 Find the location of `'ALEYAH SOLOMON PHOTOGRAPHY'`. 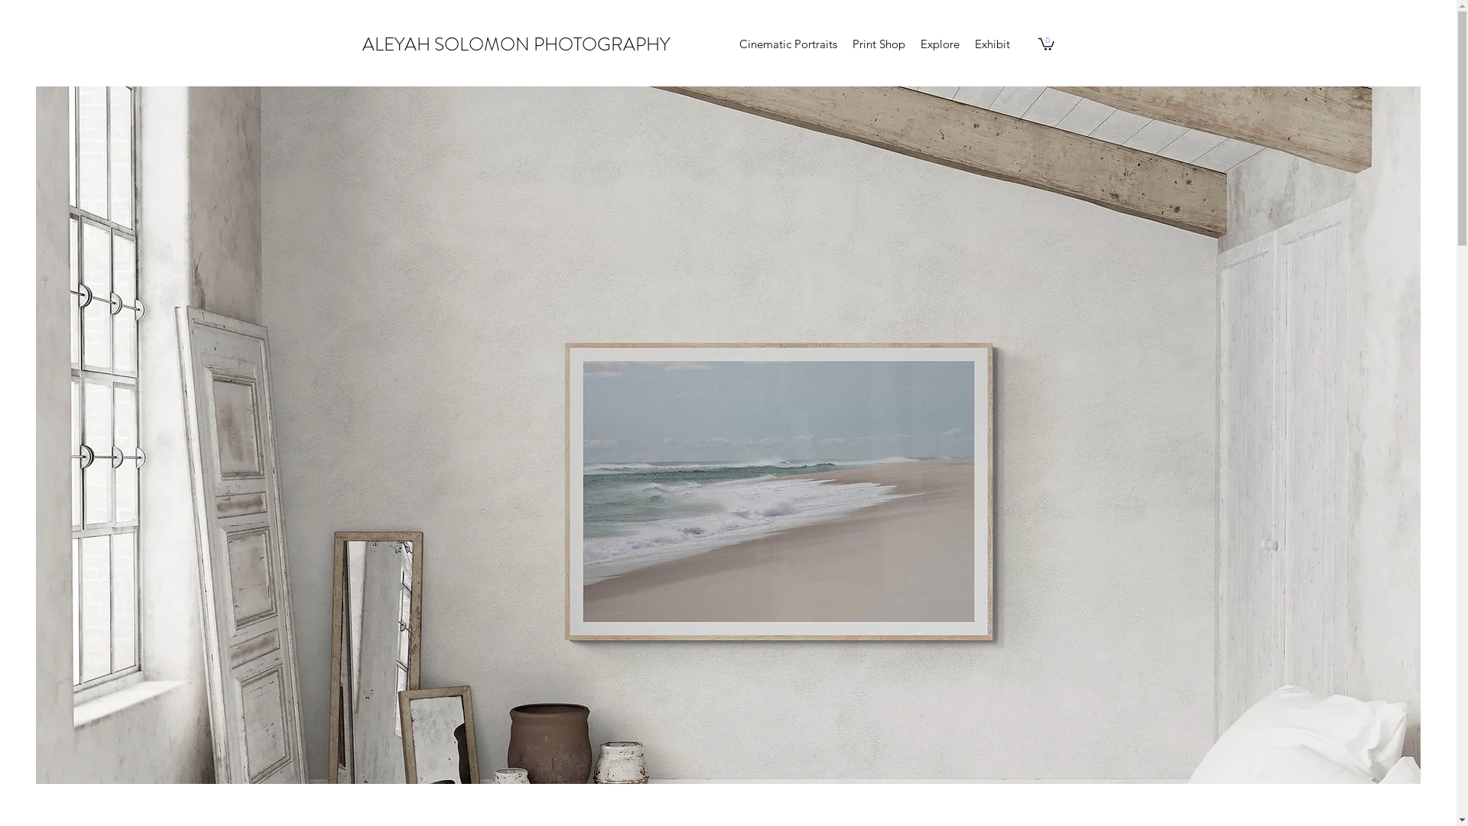

'ALEYAH SOLOMON PHOTOGRAPHY' is located at coordinates (516, 43).